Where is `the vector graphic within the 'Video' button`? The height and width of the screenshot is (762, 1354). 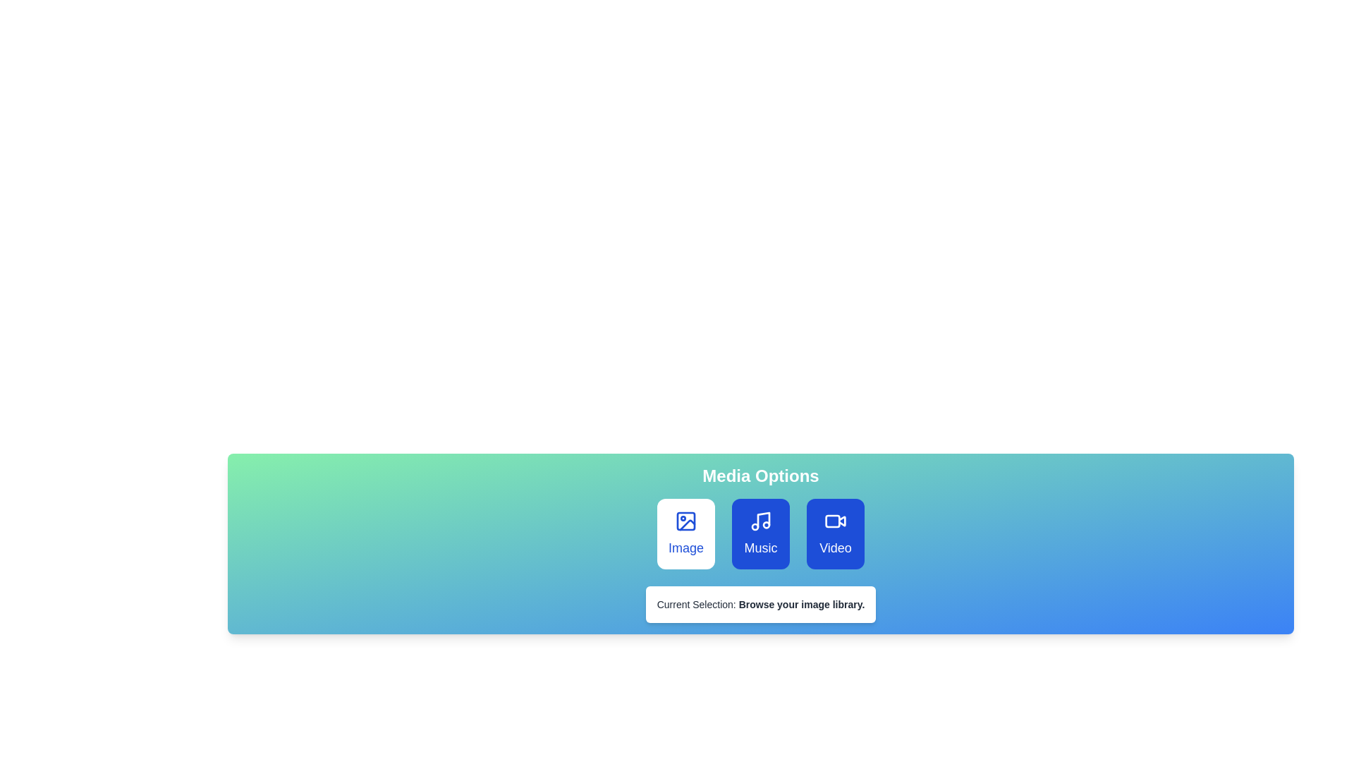 the vector graphic within the 'Video' button is located at coordinates (842, 520).